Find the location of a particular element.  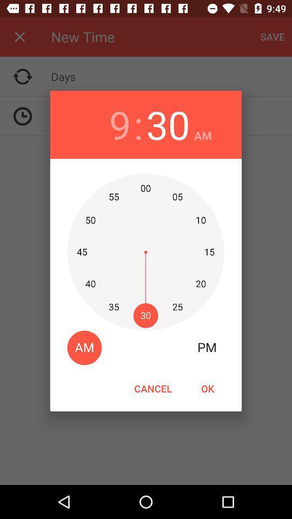

icon to the left of ok item is located at coordinates (152, 388).